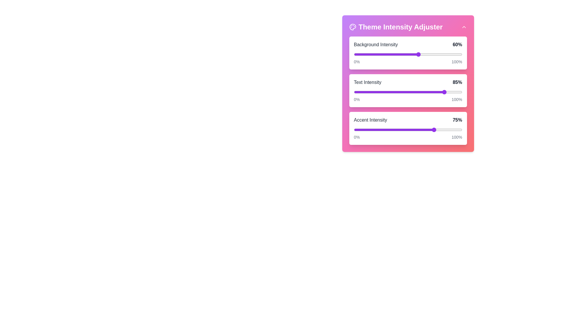  Describe the element at coordinates (457, 120) in the screenshot. I see `the text label displaying '75%' in bold, dark gray color, which is positioned to the right of the label 'Accent Intensity' and is part of a slider control interface` at that location.